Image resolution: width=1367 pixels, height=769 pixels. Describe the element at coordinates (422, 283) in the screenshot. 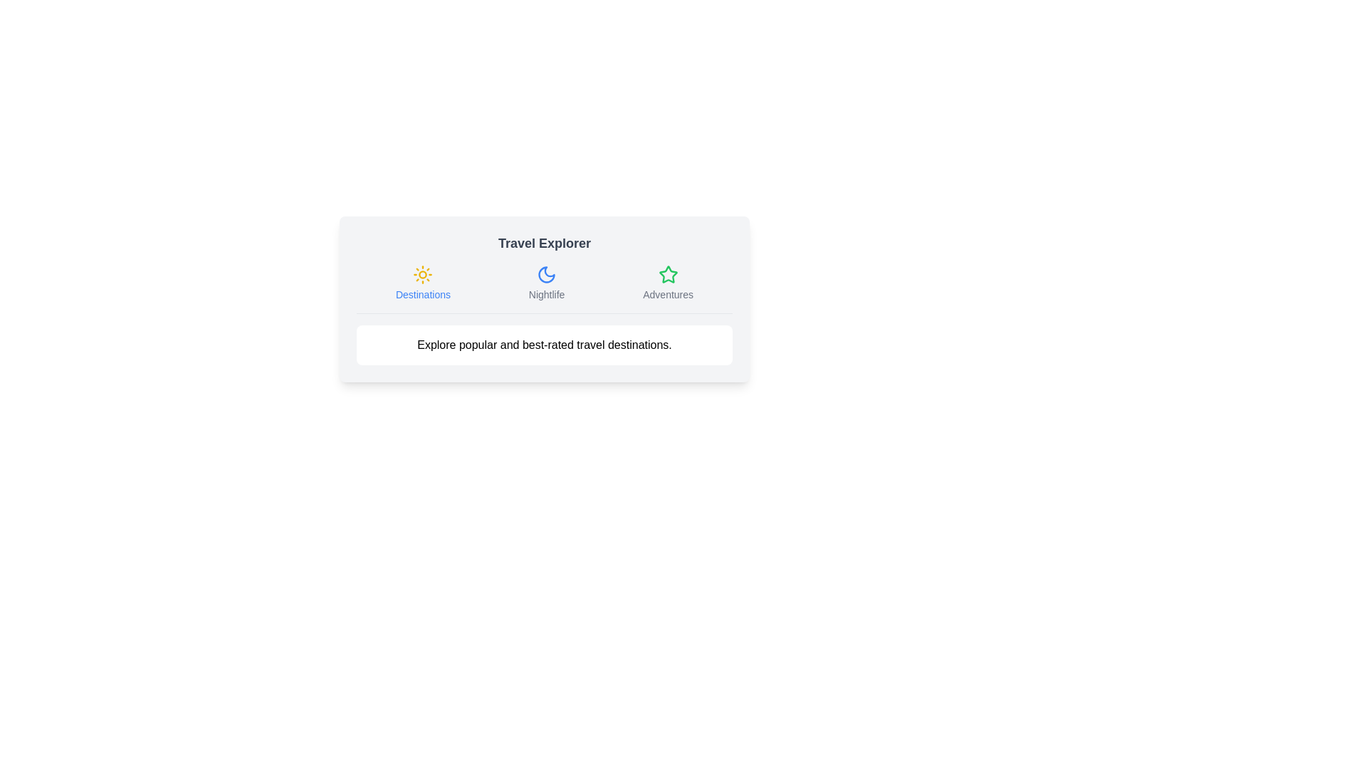

I see `the Destinations tab to view its content` at that location.